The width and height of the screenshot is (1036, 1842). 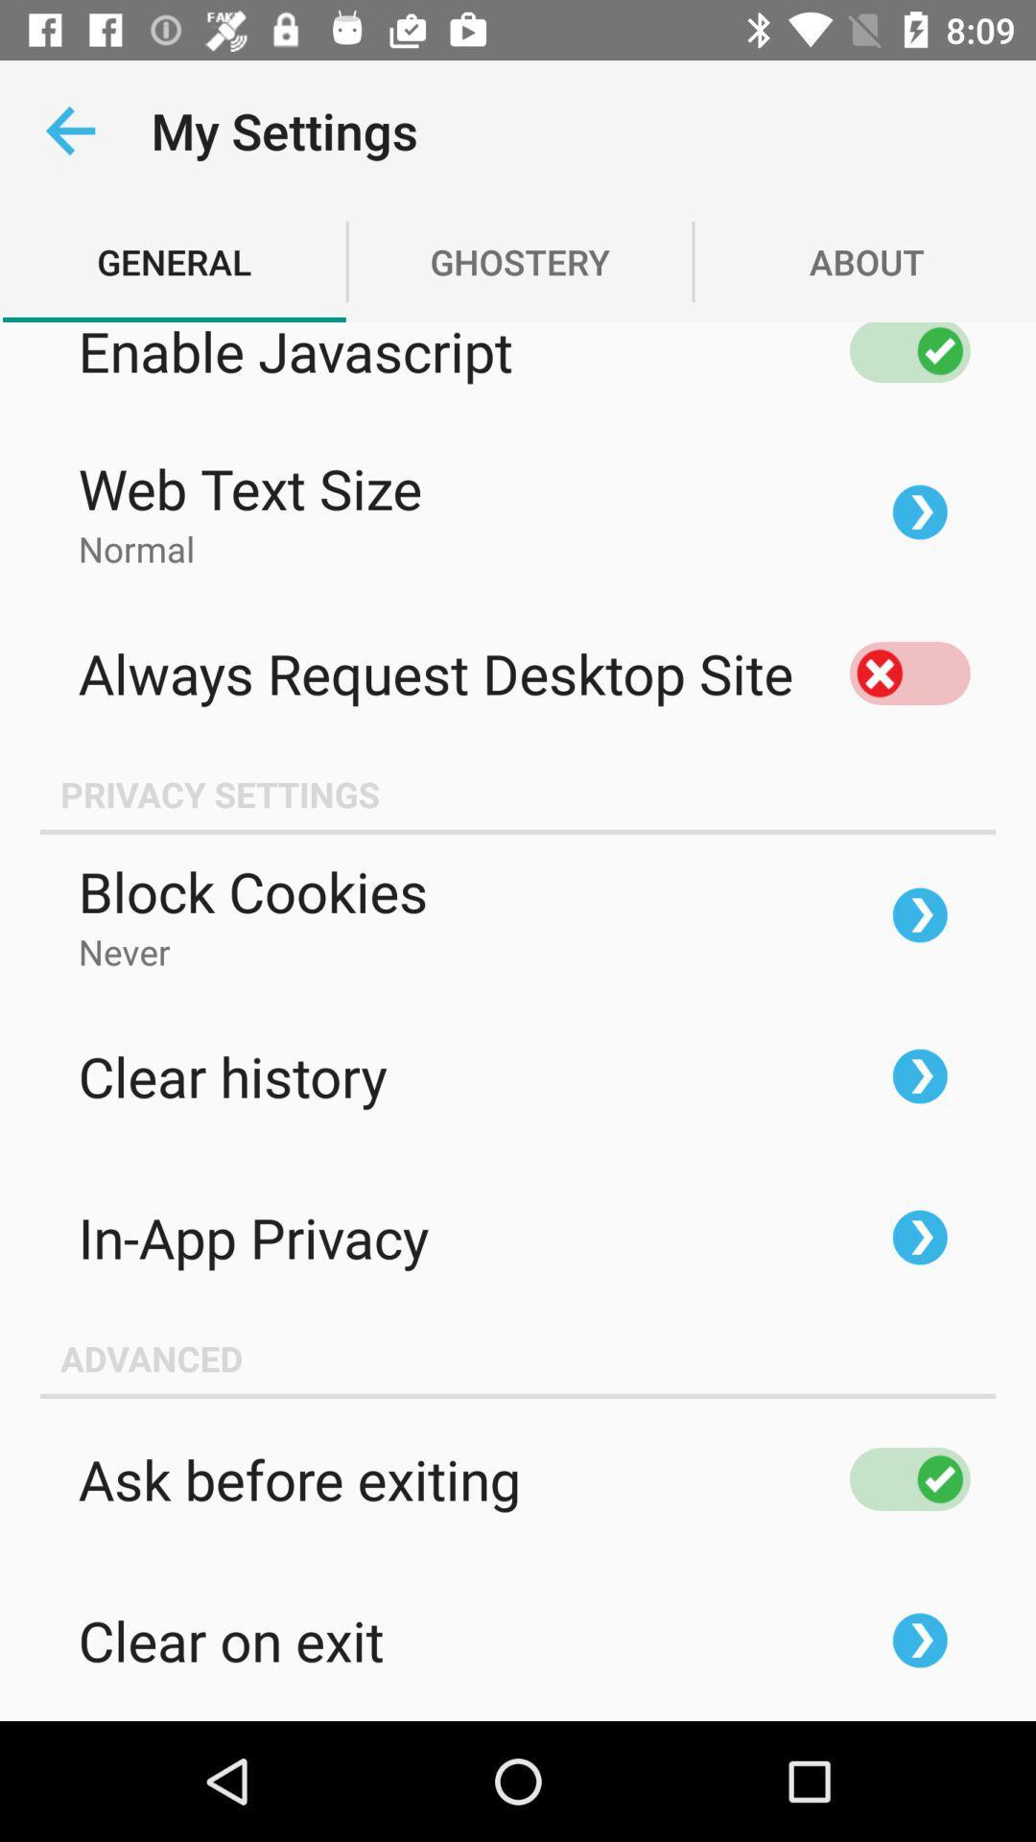 What do you see at coordinates (518, 1358) in the screenshot?
I see `advanced` at bounding box center [518, 1358].